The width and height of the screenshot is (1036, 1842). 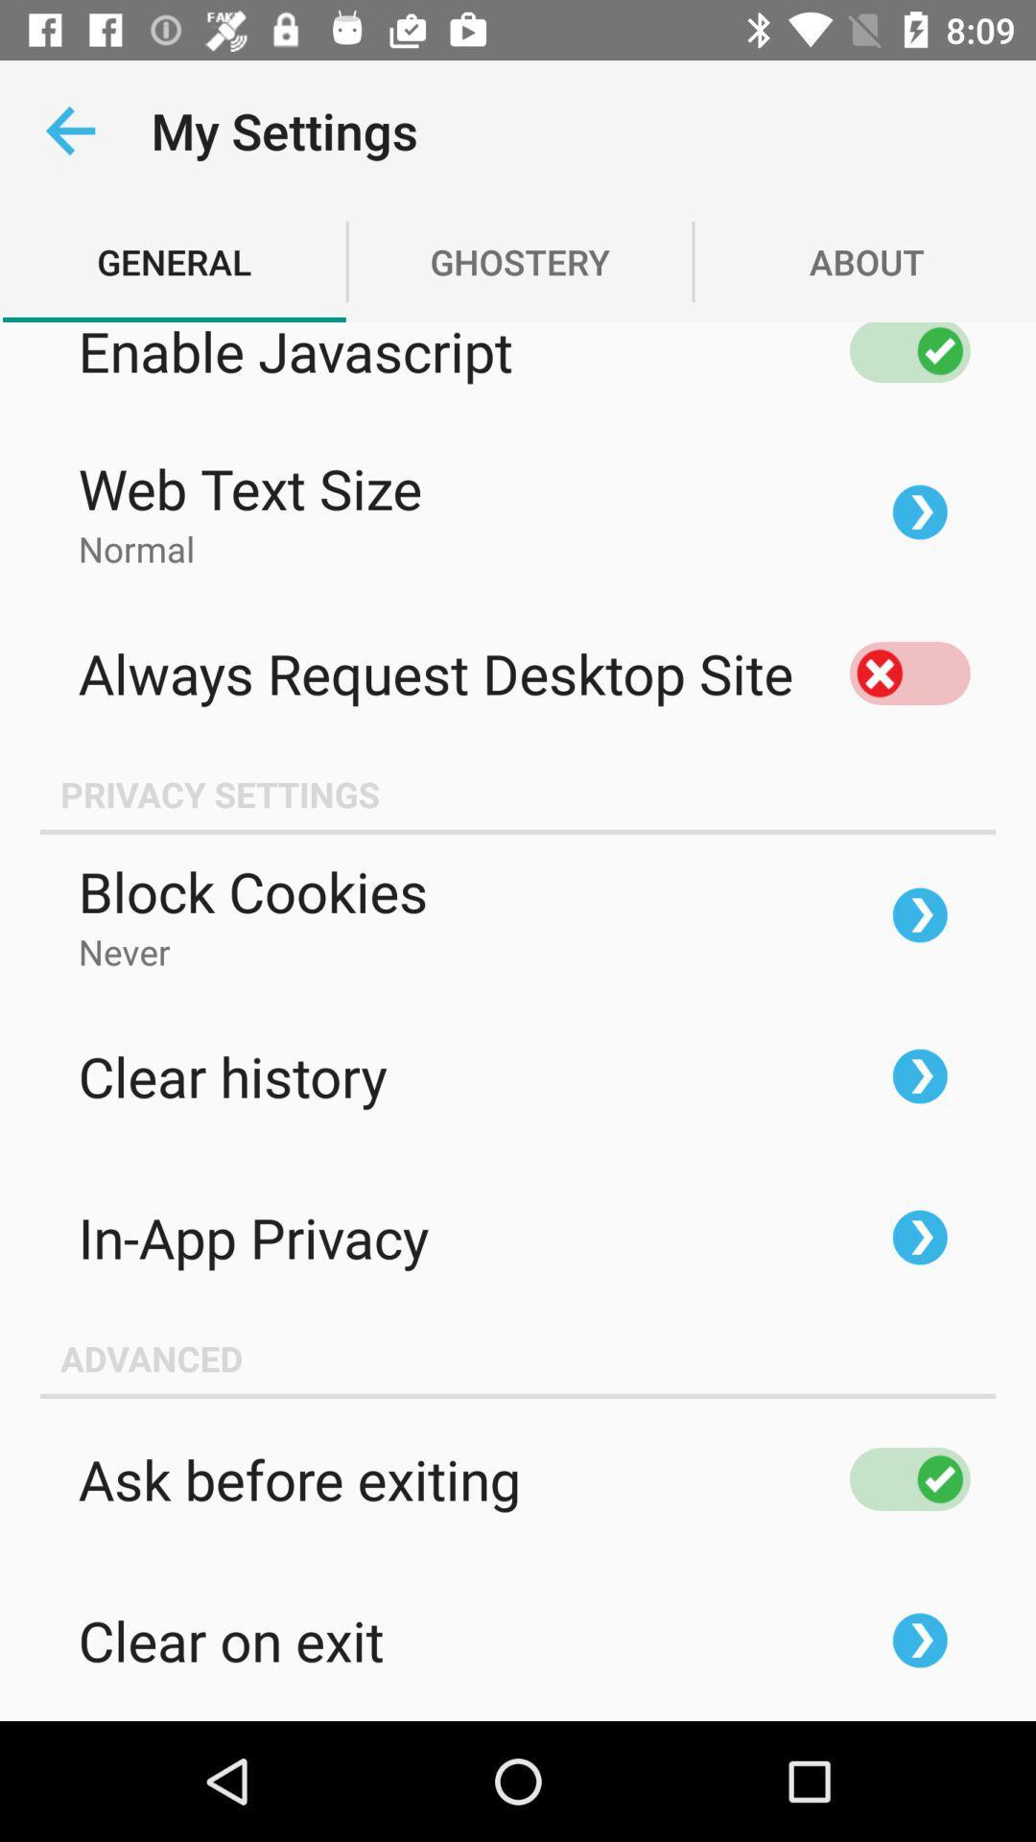 What do you see at coordinates (518, 1358) in the screenshot?
I see `advanced` at bounding box center [518, 1358].